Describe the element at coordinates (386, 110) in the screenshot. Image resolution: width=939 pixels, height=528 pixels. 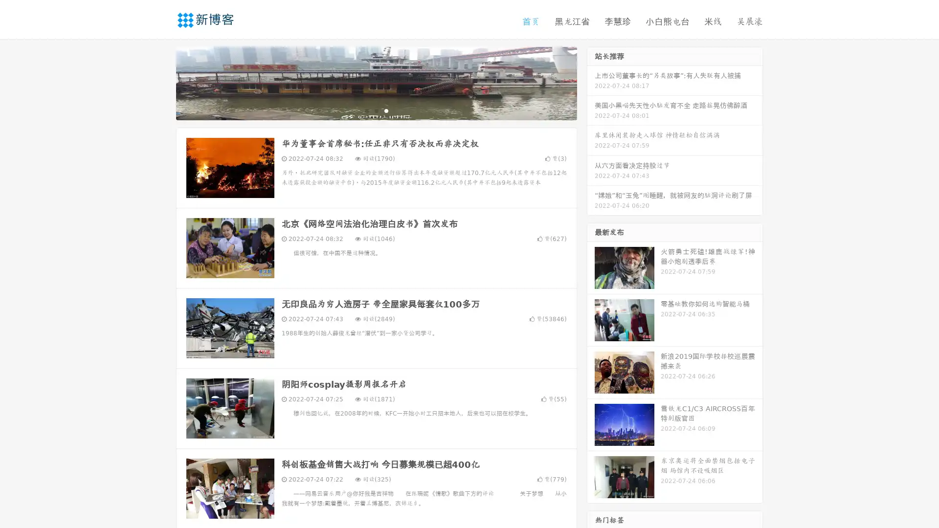
I see `Go to slide 3` at that location.